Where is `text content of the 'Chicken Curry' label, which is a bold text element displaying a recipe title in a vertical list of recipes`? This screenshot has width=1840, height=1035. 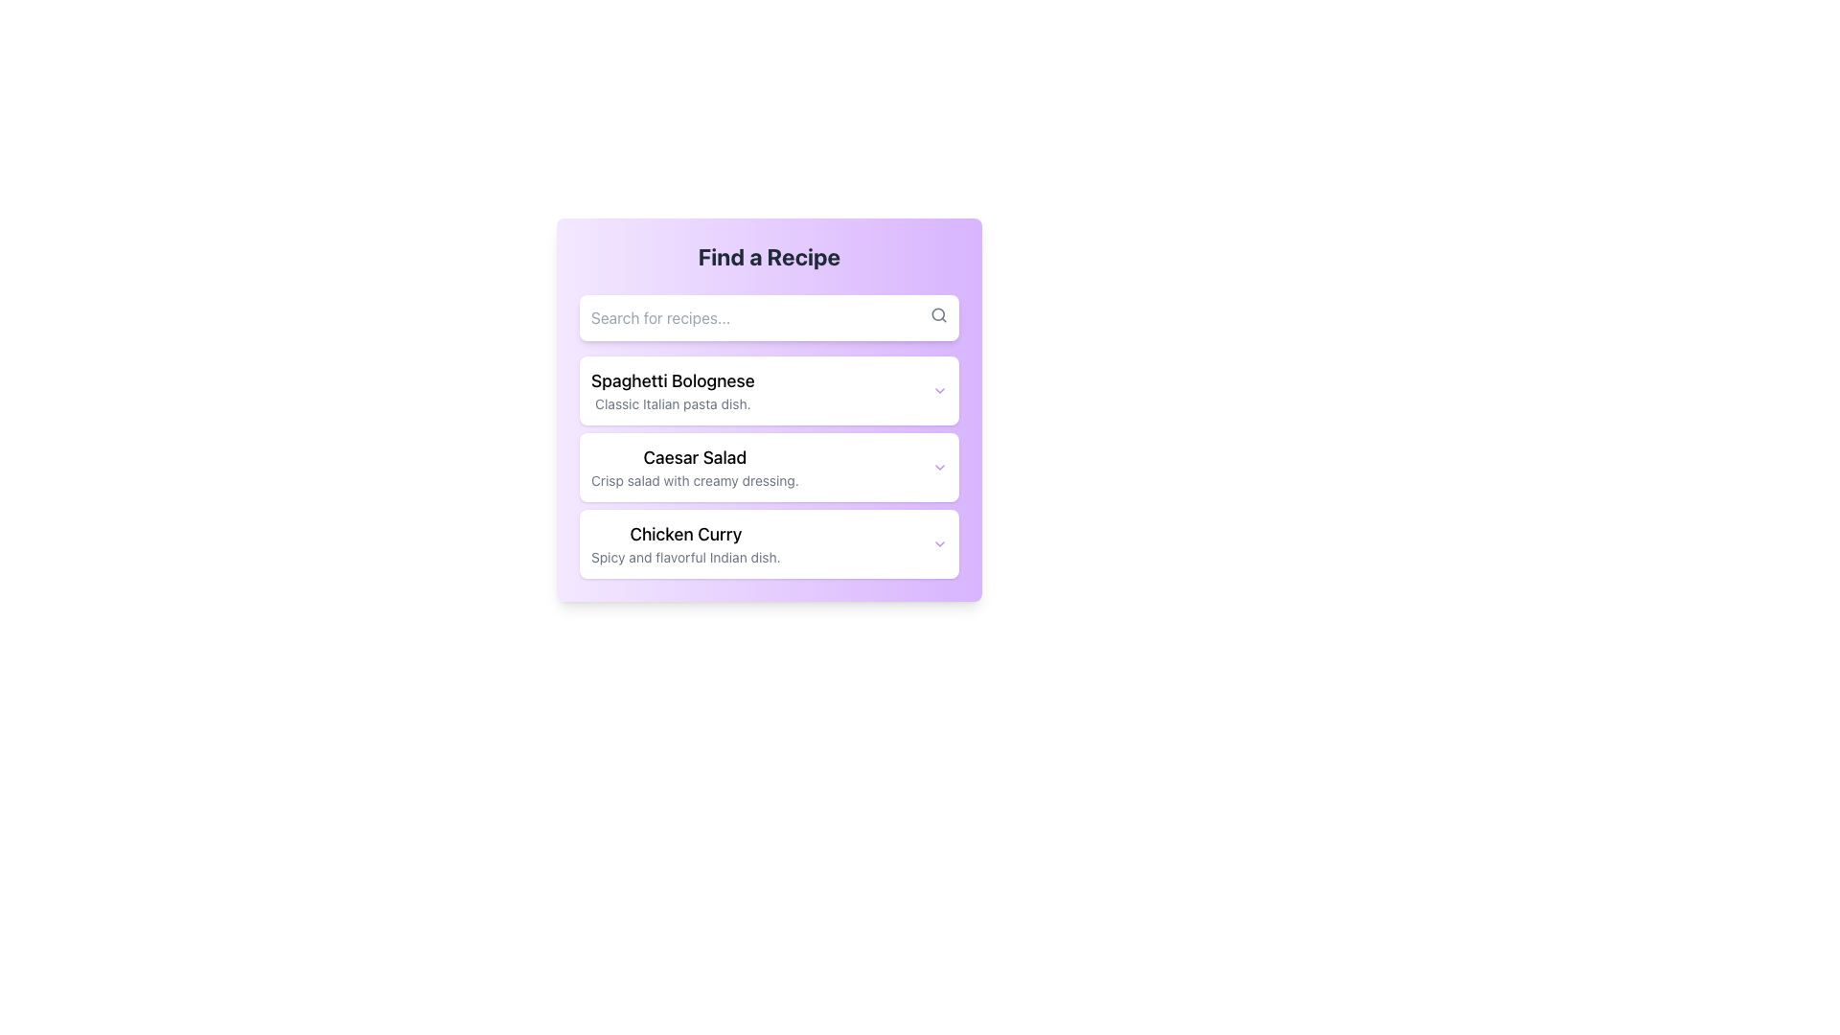
text content of the 'Chicken Curry' label, which is a bold text element displaying a recipe title in a vertical list of recipes is located at coordinates (685, 535).